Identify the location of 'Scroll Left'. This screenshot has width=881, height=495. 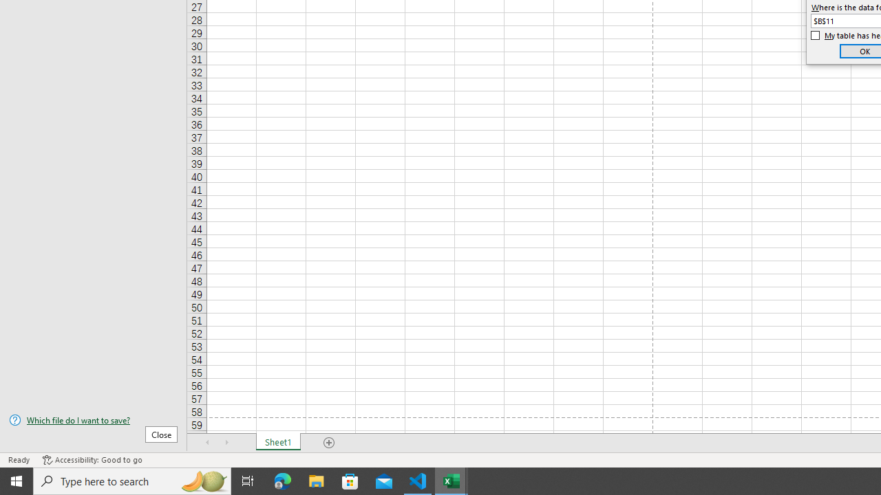
(207, 443).